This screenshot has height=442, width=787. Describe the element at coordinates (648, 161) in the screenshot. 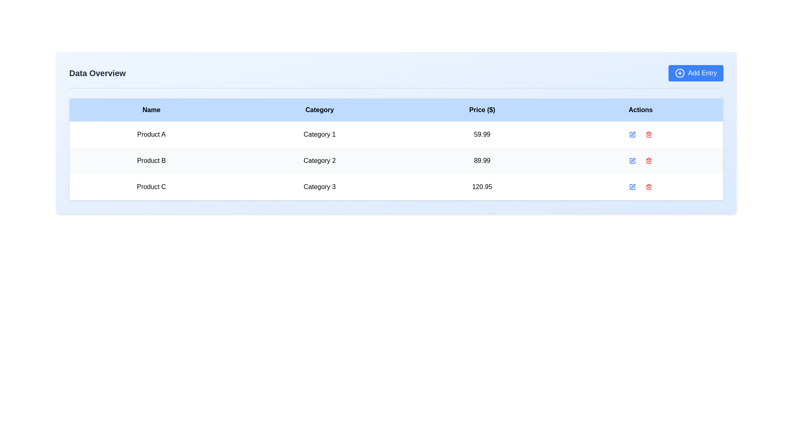

I see `the delete button, which is the second icon in the 'Actions' column of the second row of the visible product information table` at that location.